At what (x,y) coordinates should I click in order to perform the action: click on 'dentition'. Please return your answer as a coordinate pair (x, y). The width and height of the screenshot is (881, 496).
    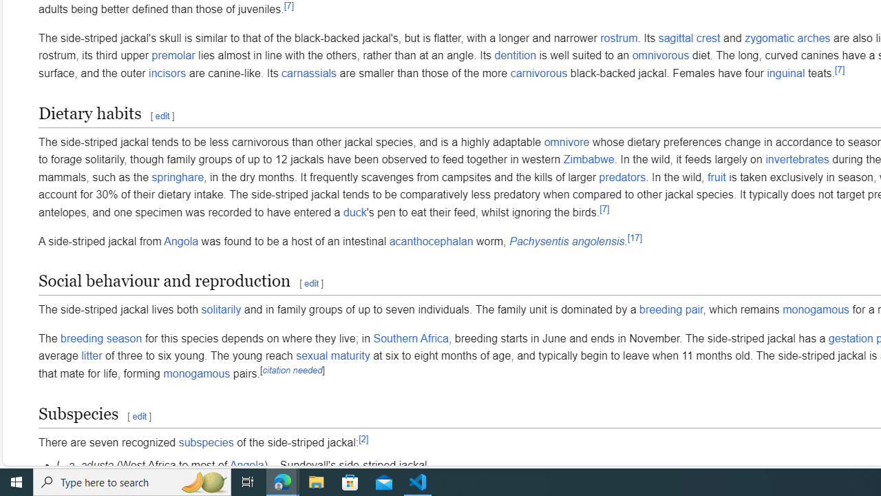
    Looking at the image, I should click on (514, 55).